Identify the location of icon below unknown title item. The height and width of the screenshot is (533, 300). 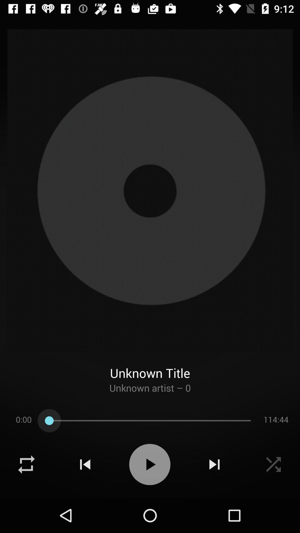
(150, 393).